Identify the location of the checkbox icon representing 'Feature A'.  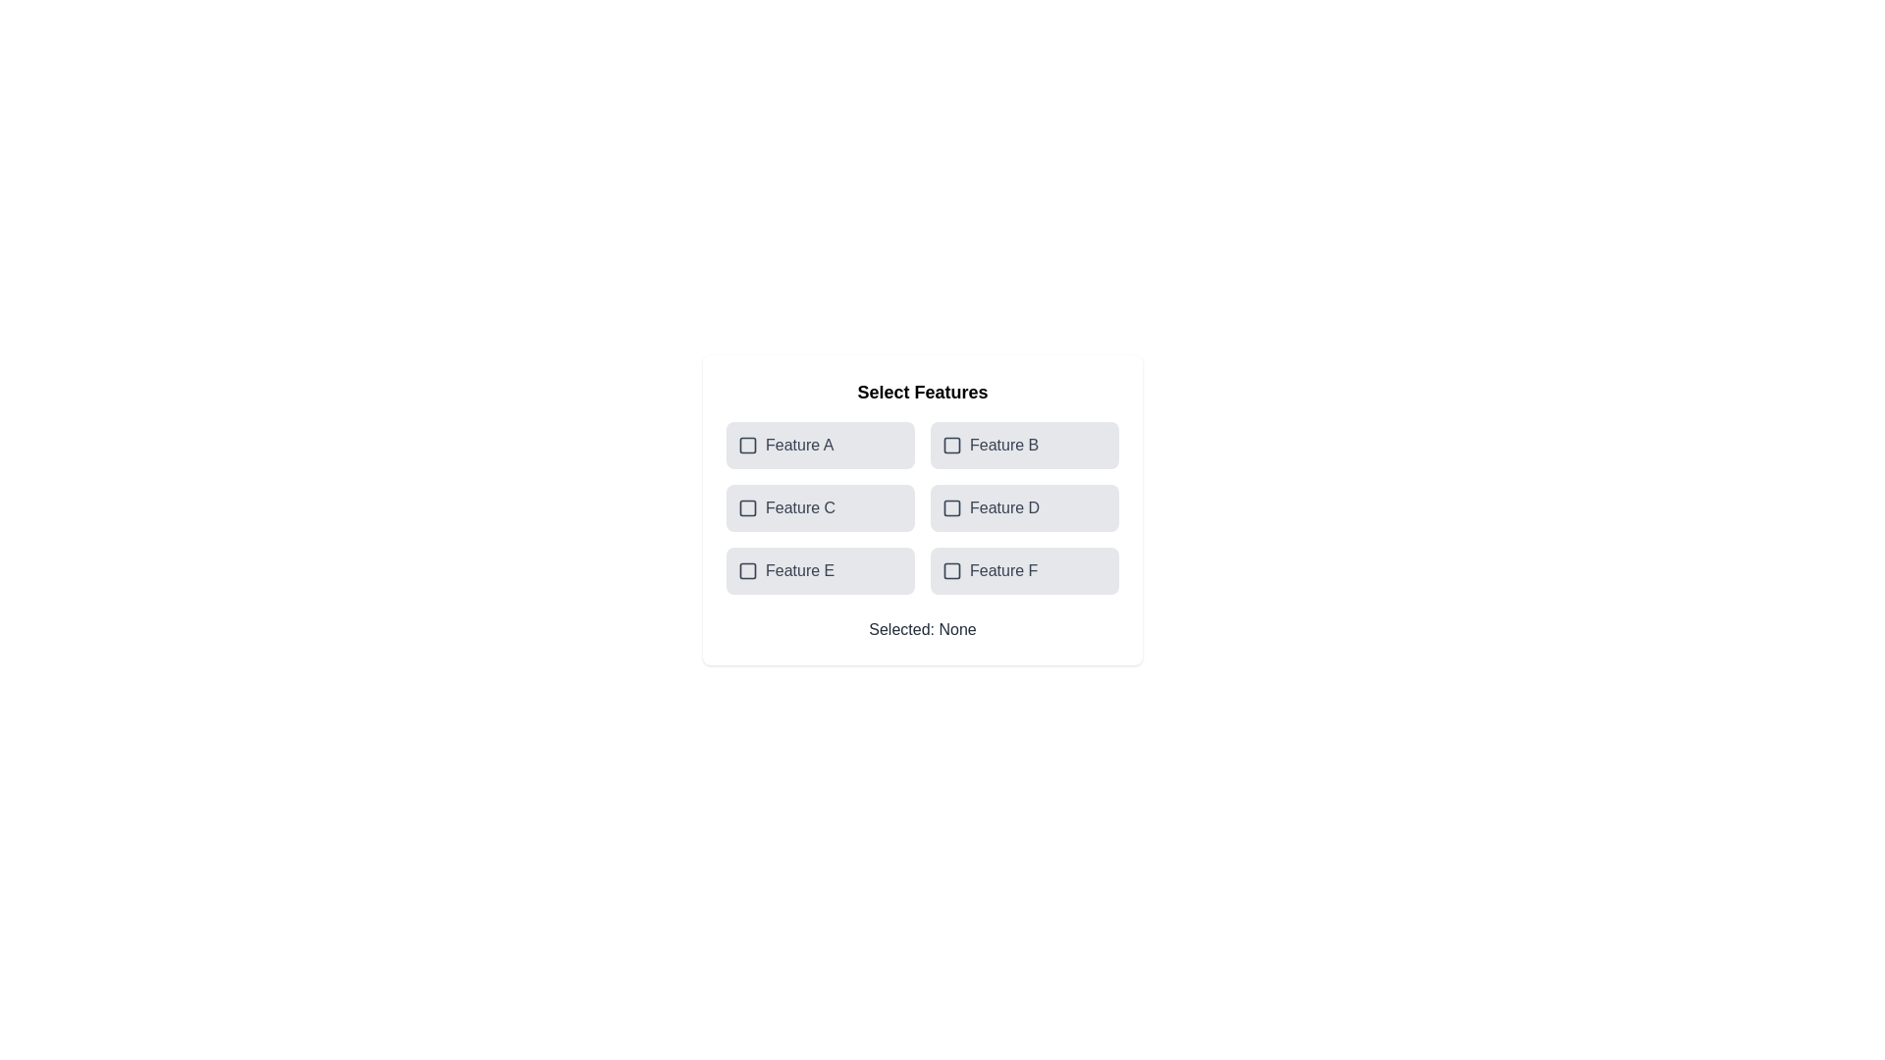
(747, 446).